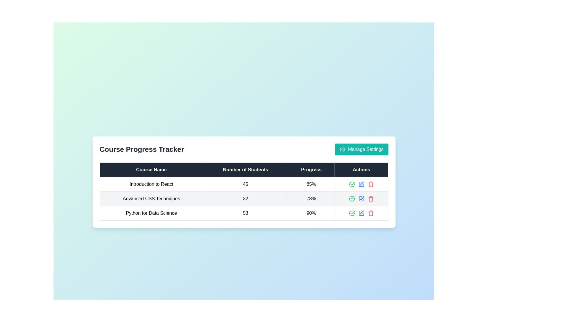 This screenshot has height=319, width=568. What do you see at coordinates (361, 149) in the screenshot?
I see `the settings button for the 'Course Progress Tracker'` at bounding box center [361, 149].